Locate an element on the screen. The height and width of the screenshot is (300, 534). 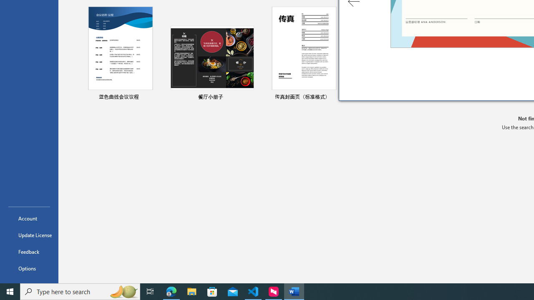
'Start' is located at coordinates (10, 291).